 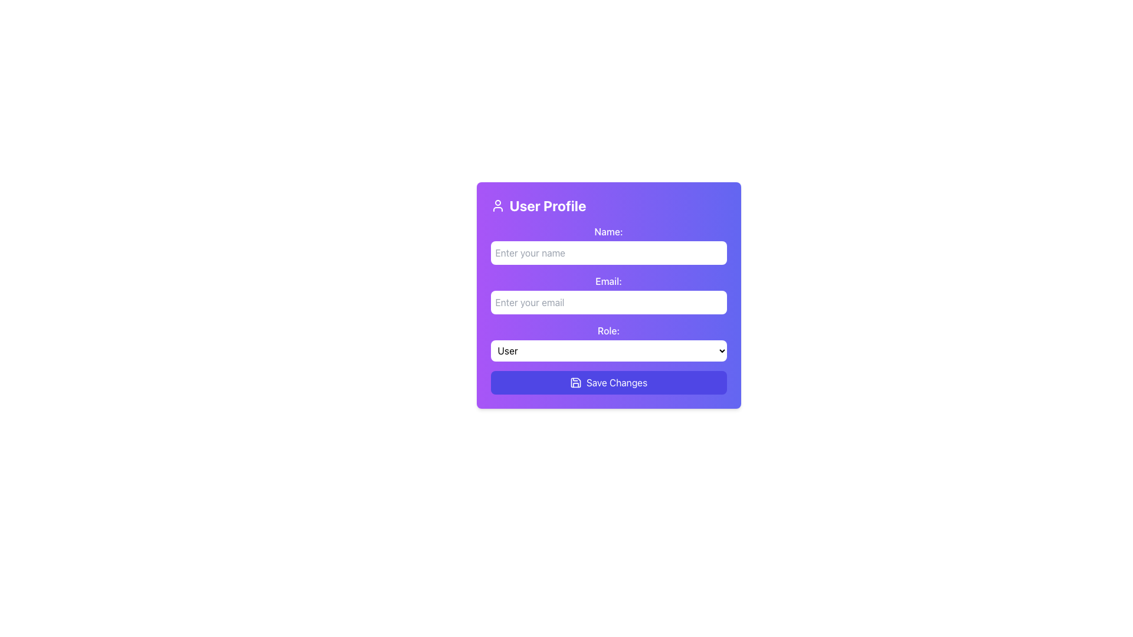 What do you see at coordinates (608, 232) in the screenshot?
I see `the text label indicating the purpose of the adjacent input field for entering a 'Name'` at bounding box center [608, 232].